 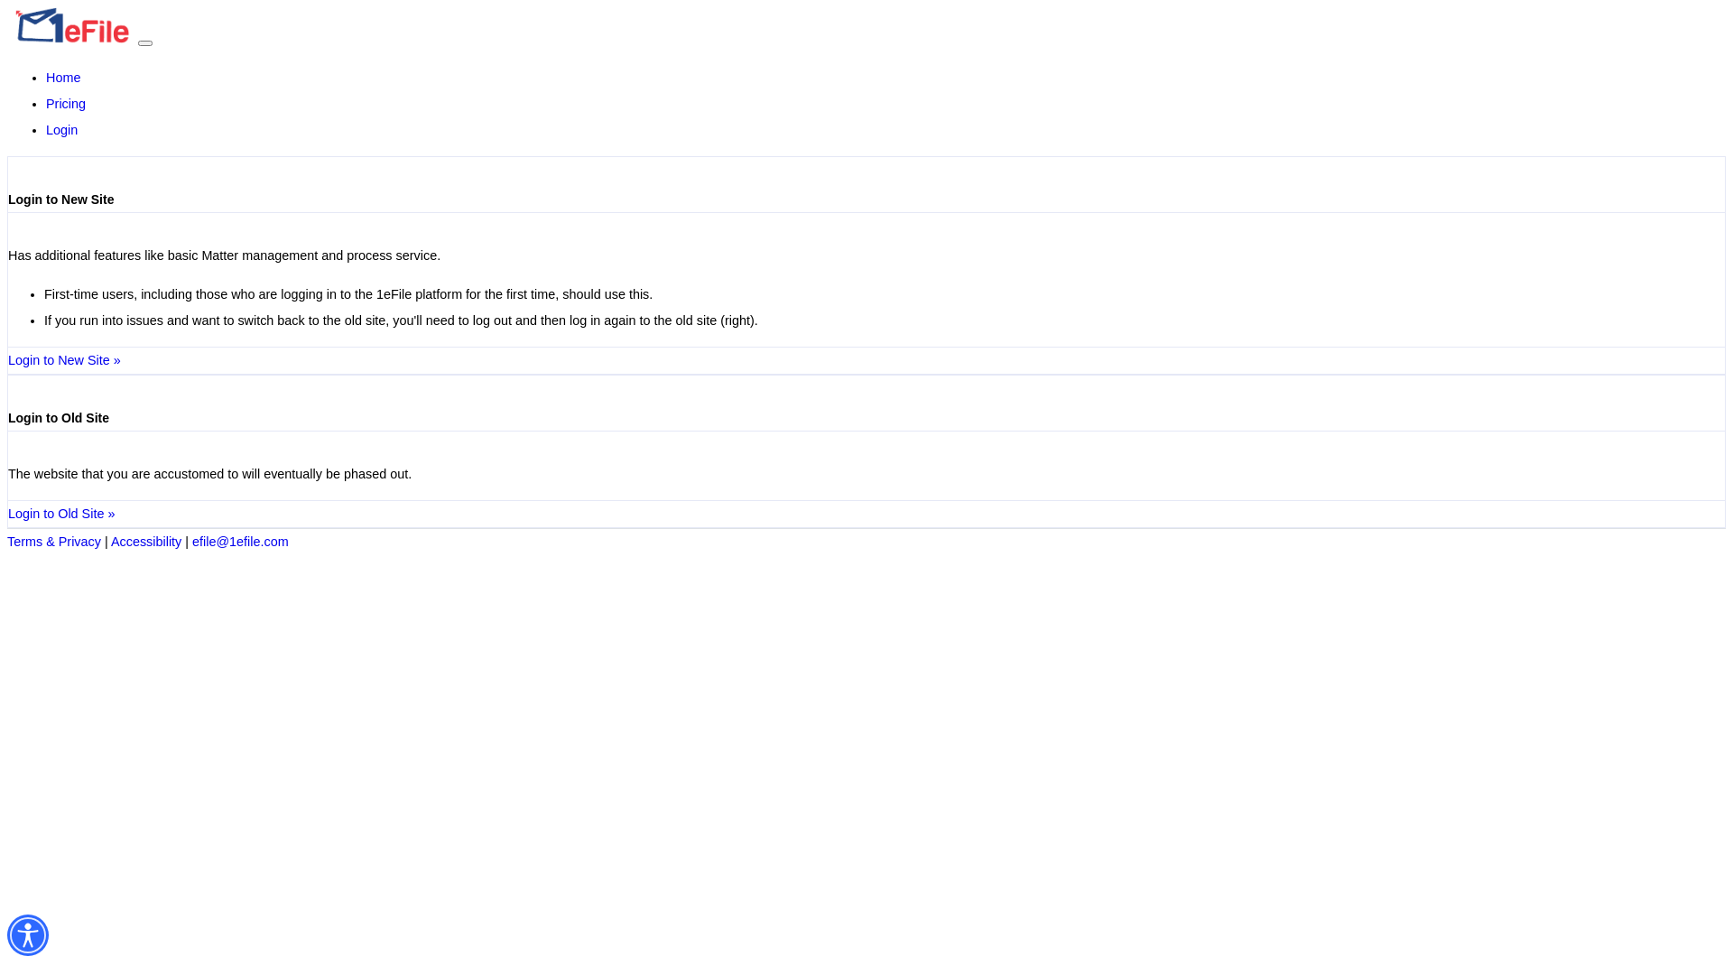 What do you see at coordinates (110, 541) in the screenshot?
I see `'Accessibility'` at bounding box center [110, 541].